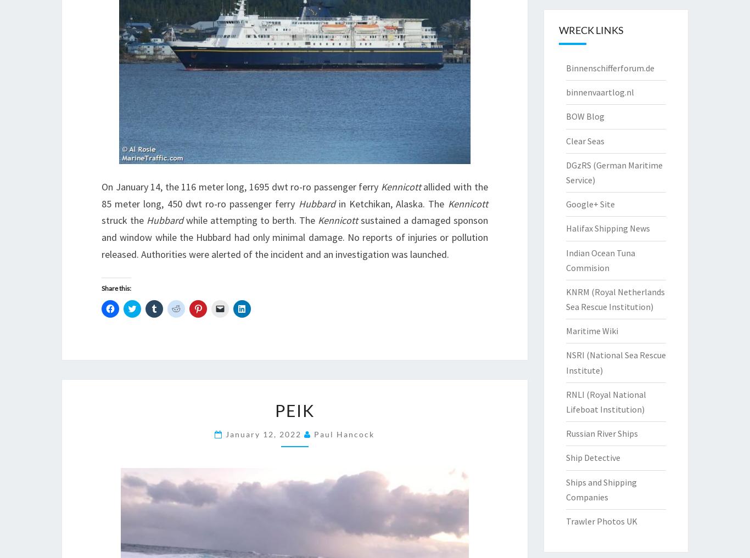  I want to click on 'while attempting to berth. The', so click(249, 220).